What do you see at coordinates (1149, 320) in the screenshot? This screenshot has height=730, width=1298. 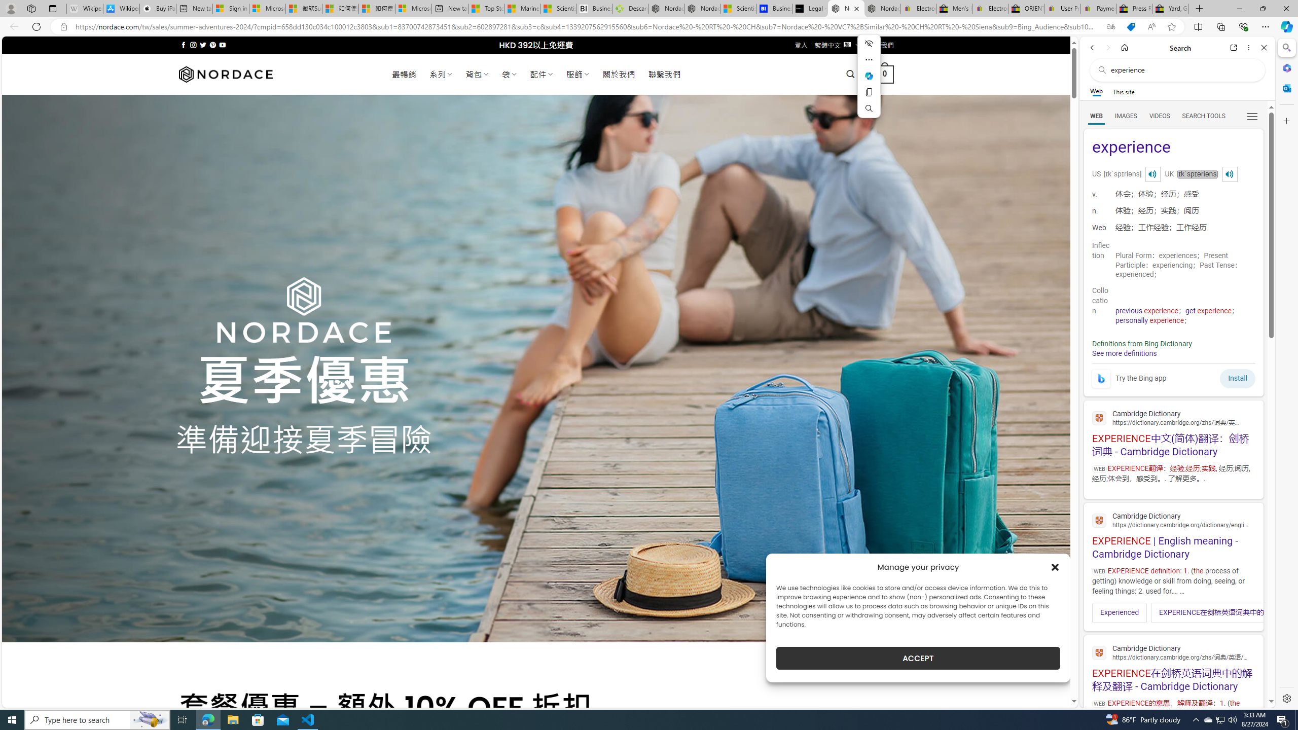 I see `'personally experience'` at bounding box center [1149, 320].